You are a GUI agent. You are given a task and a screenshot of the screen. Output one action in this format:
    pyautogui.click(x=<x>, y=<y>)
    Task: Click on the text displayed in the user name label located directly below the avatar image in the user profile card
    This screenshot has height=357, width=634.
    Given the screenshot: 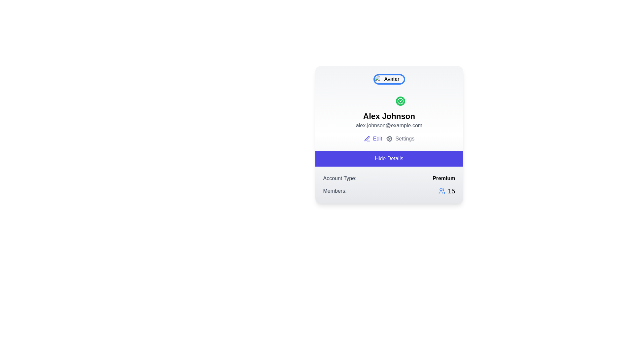 What is the action you would take?
    pyautogui.click(x=389, y=116)
    